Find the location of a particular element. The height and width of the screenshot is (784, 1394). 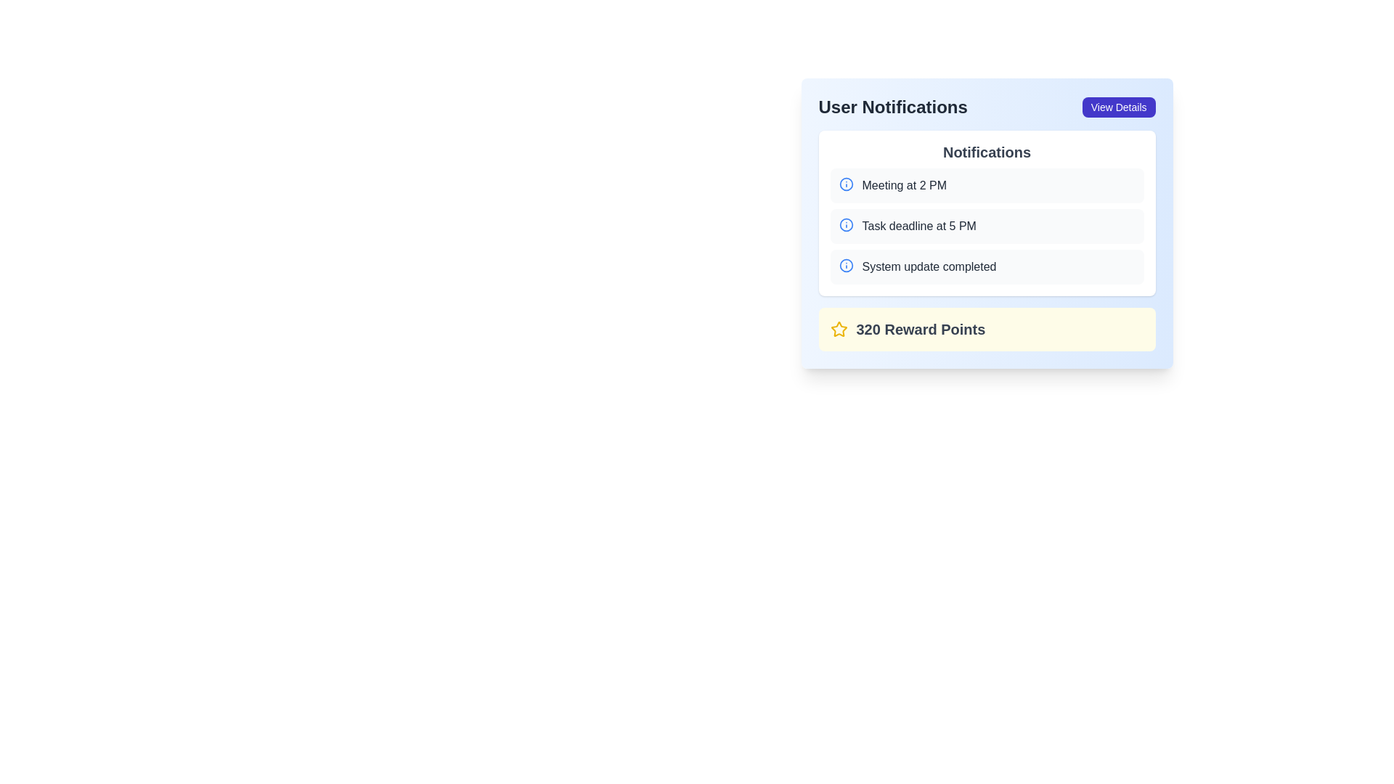

the text label displaying 'Meeting at 2 PM' styled in dark gray within the 'User Notifications' card is located at coordinates (903, 184).